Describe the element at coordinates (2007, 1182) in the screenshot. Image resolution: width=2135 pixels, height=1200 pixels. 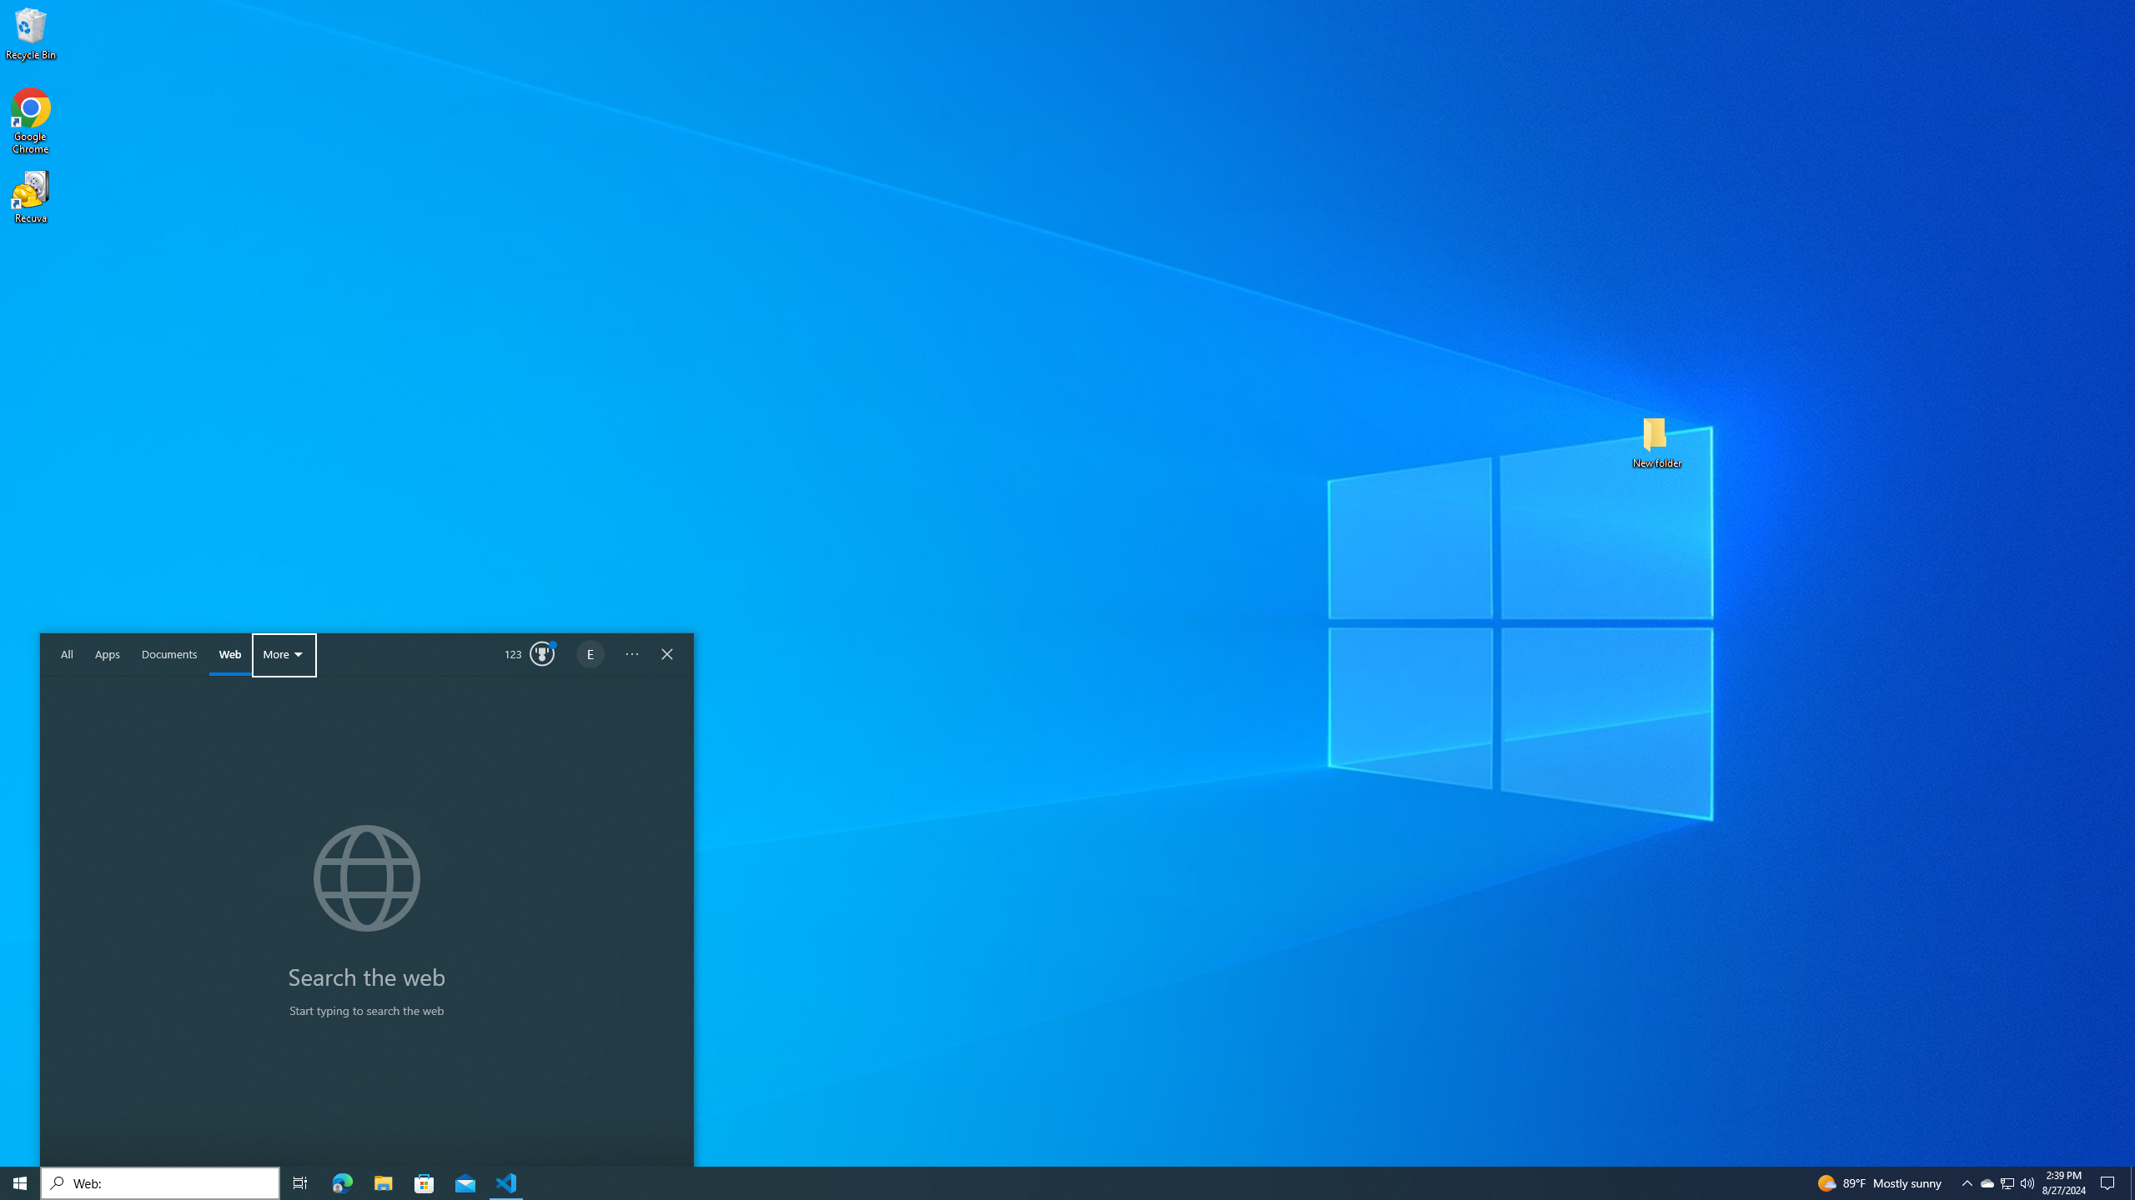
I see `'Notification Chevron'` at that location.